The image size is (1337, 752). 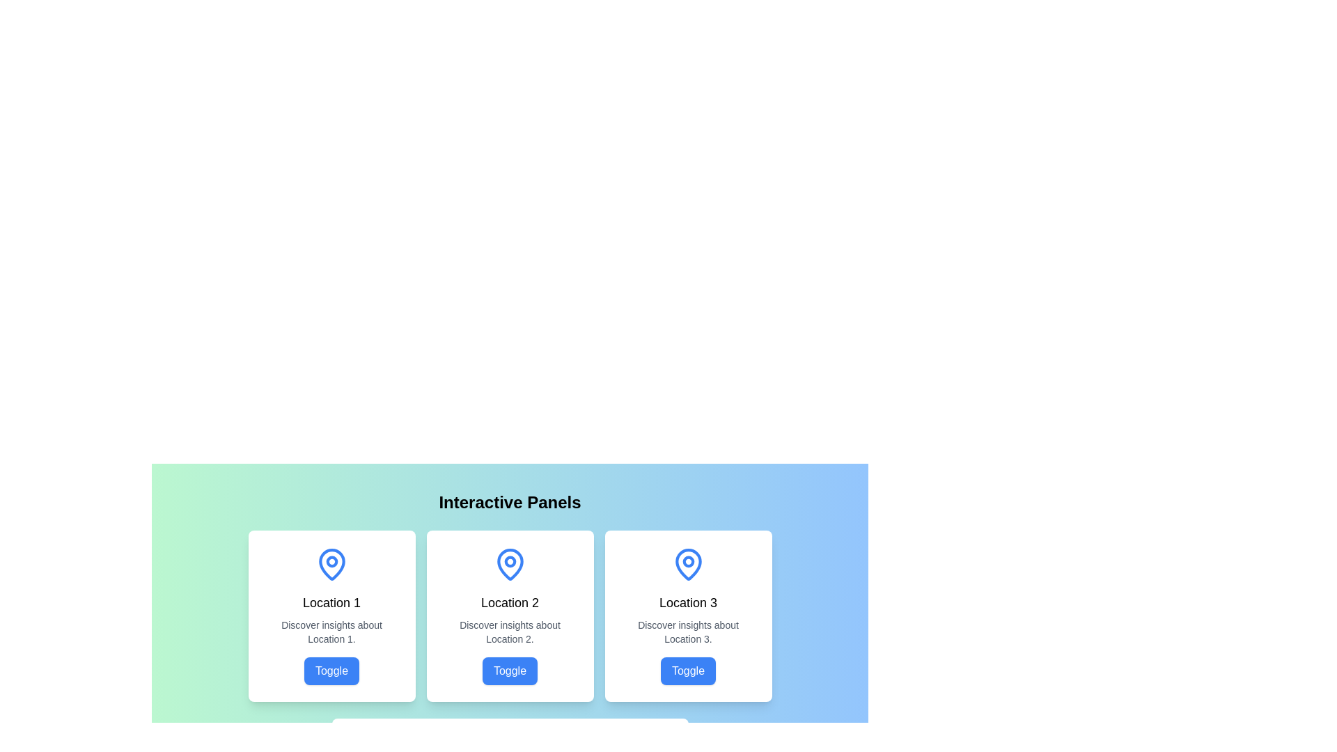 I want to click on the 'Toggle' button with rounded edges and a blue background located within the 'Location 2' card to observe its hover effect, so click(x=509, y=671).